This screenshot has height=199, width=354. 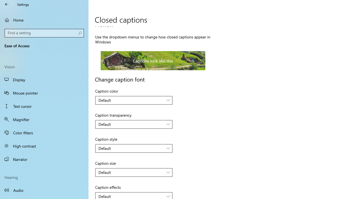 I want to click on 'Color filters', so click(x=44, y=132).